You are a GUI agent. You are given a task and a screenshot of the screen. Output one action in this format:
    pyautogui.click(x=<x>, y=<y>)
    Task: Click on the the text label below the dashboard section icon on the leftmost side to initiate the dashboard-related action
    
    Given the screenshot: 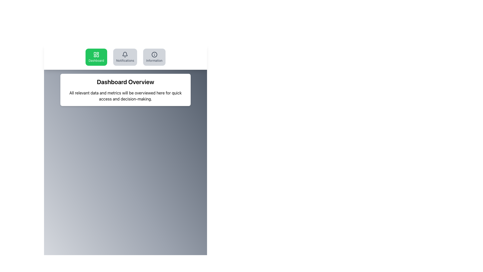 What is the action you would take?
    pyautogui.click(x=96, y=60)
    